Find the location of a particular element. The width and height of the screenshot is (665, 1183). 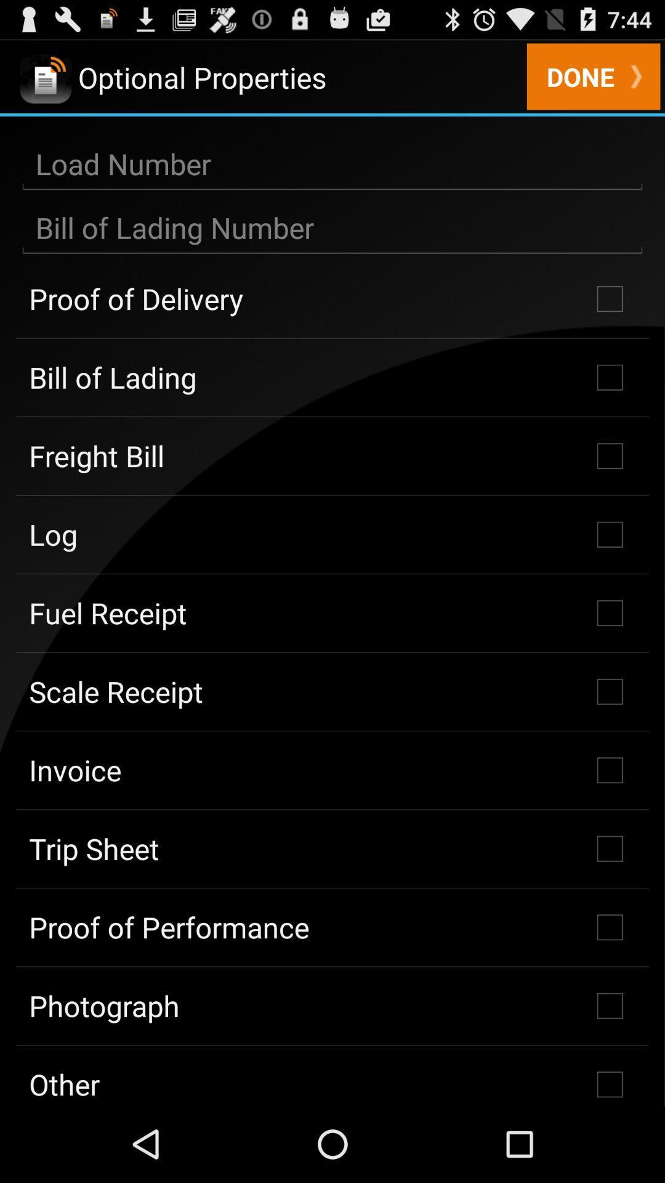

optional properties menu is located at coordinates (332, 228).